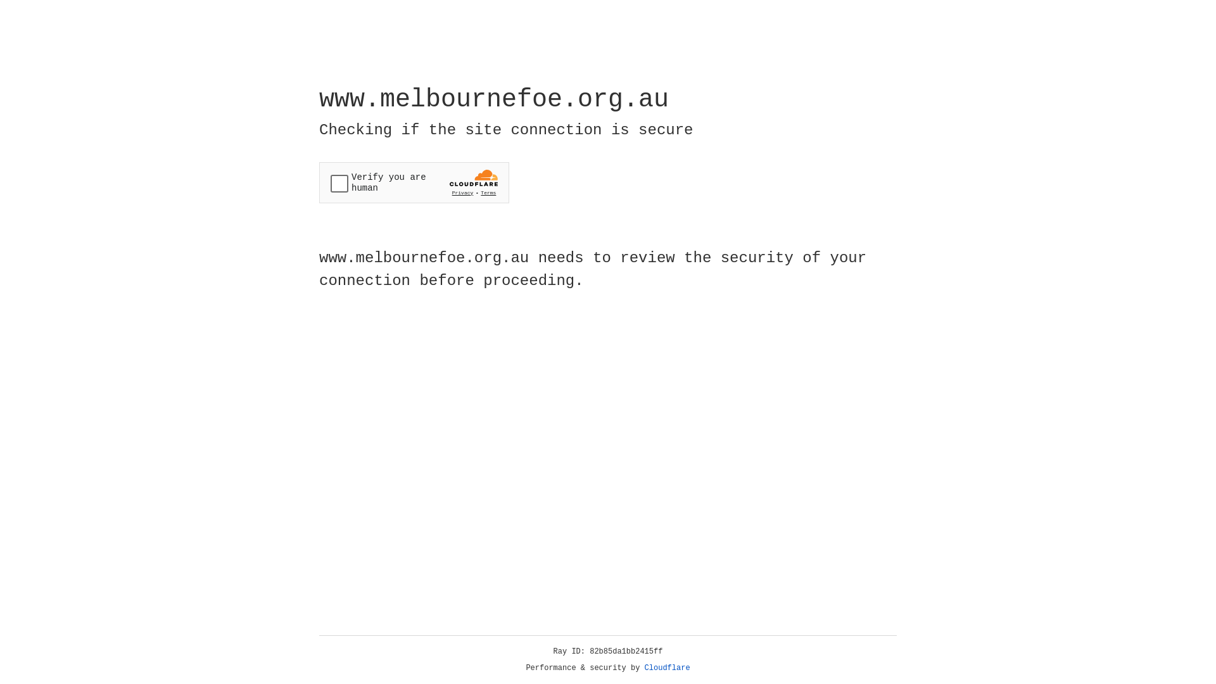 Image resolution: width=1216 pixels, height=684 pixels. What do you see at coordinates (414, 182) in the screenshot?
I see `'Widget containing a Cloudflare security challenge'` at bounding box center [414, 182].